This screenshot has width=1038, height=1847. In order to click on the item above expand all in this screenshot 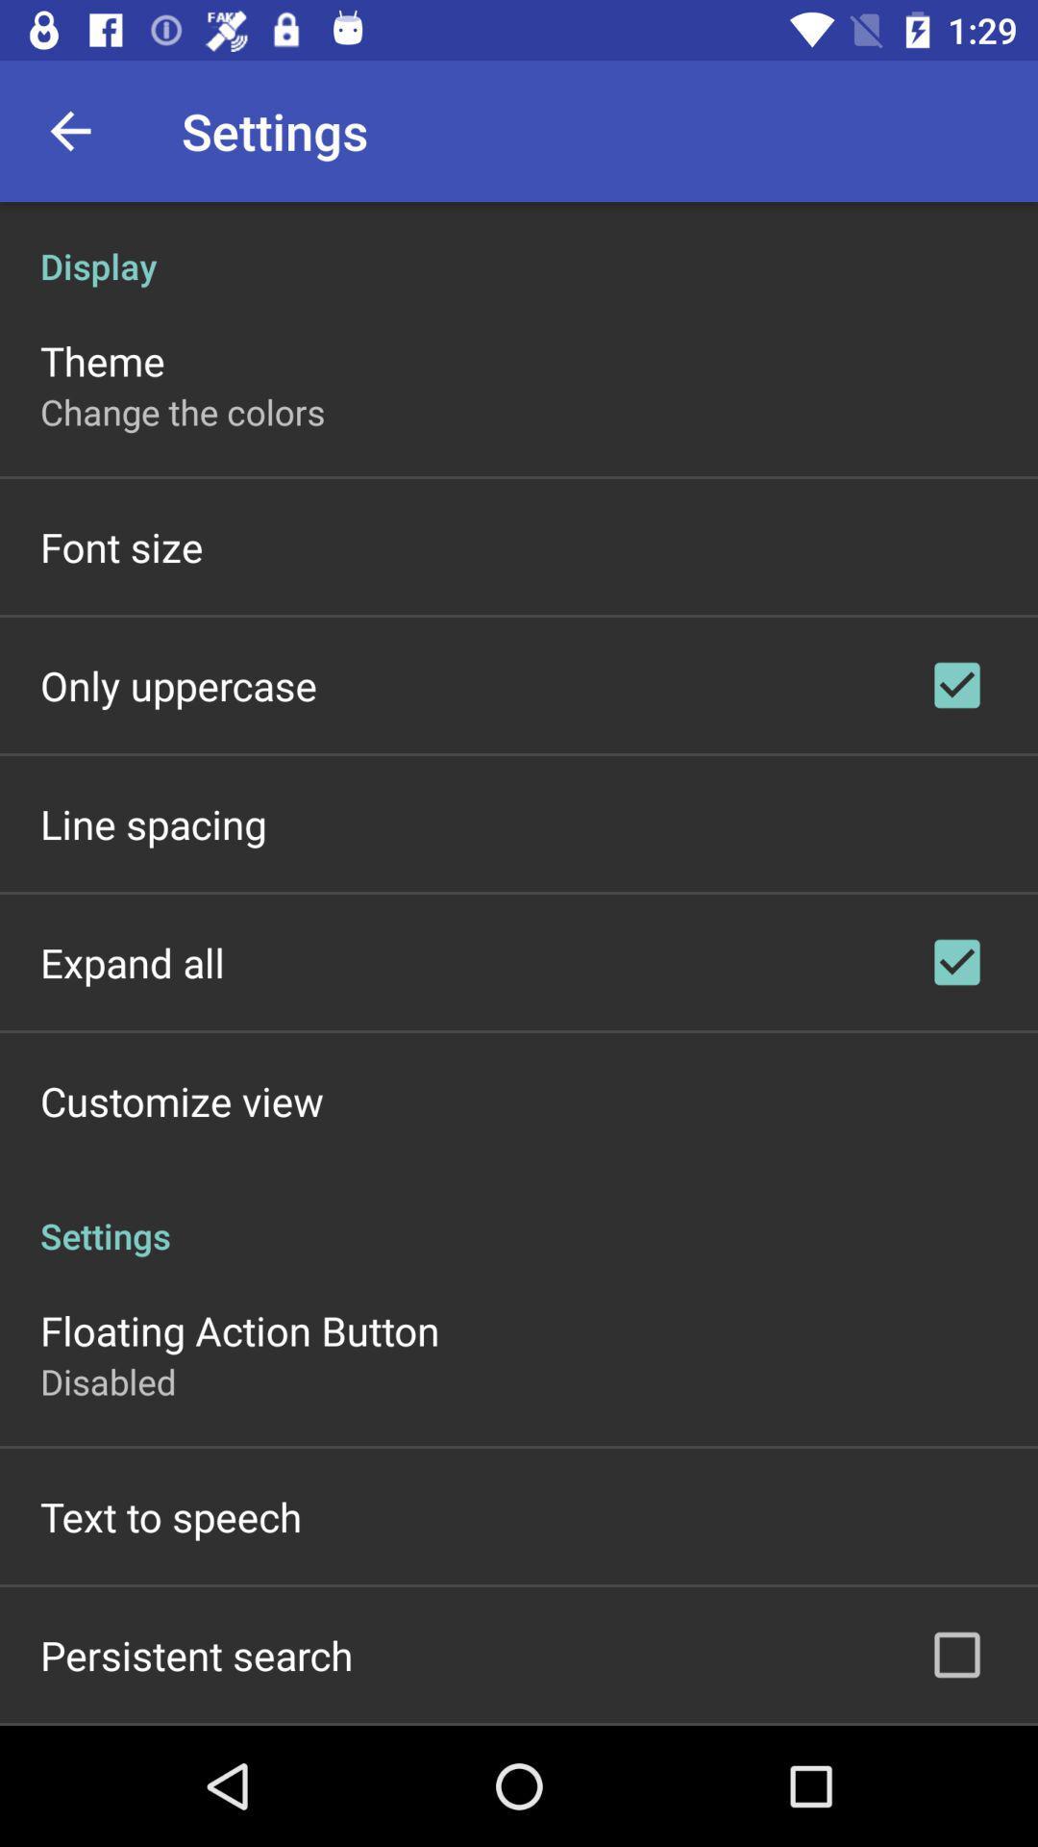, I will do `click(152, 823)`.